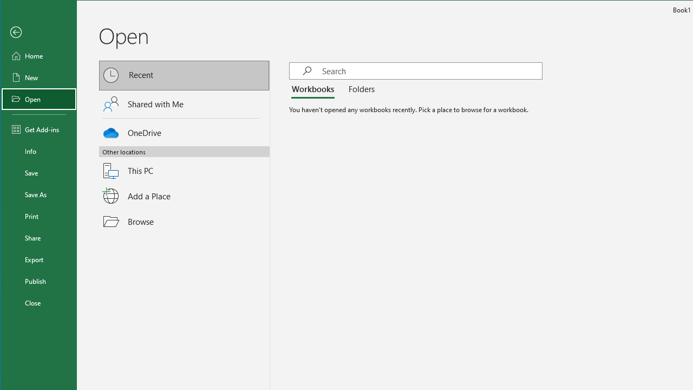  Describe the element at coordinates (432, 71) in the screenshot. I see `'Search'` at that location.